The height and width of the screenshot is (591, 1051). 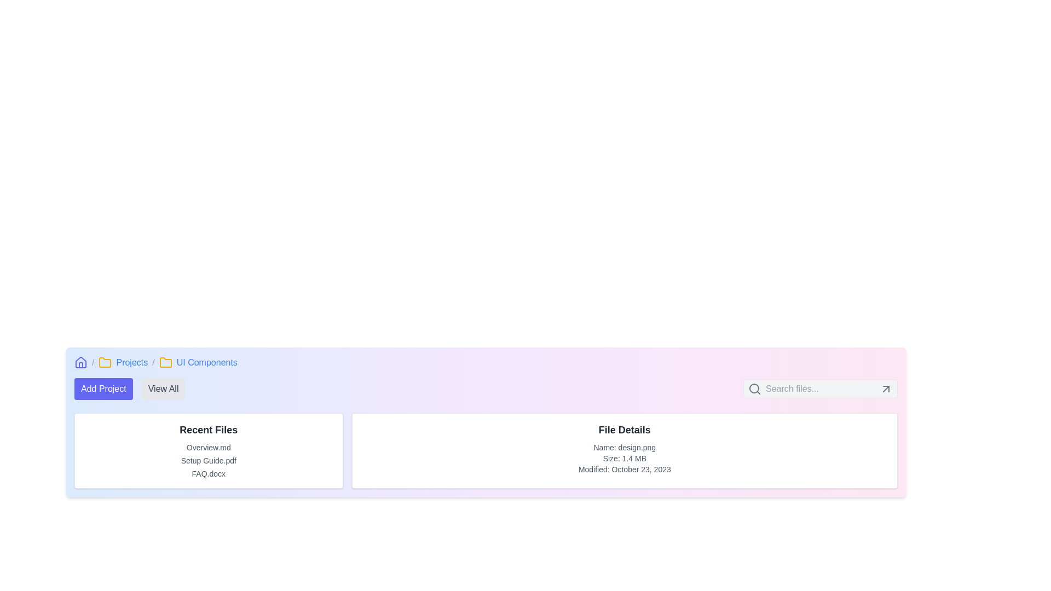 What do you see at coordinates (625, 430) in the screenshot?
I see `the Text (Heading) that serves as the title for the section displaying file metadata, located at the top left corner within a white box` at bounding box center [625, 430].